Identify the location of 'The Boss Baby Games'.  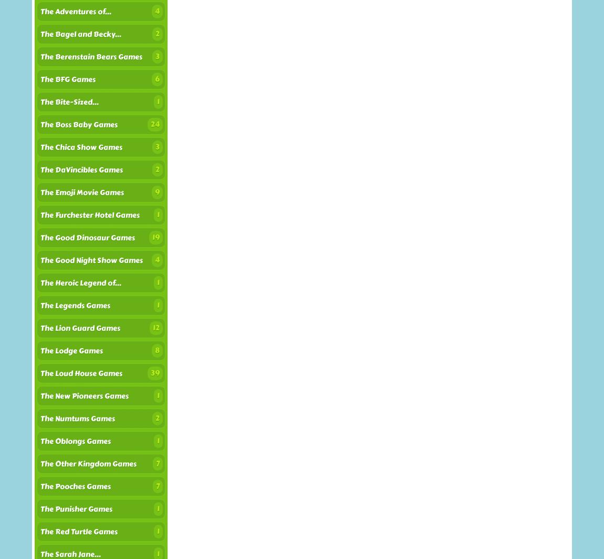
(78, 125).